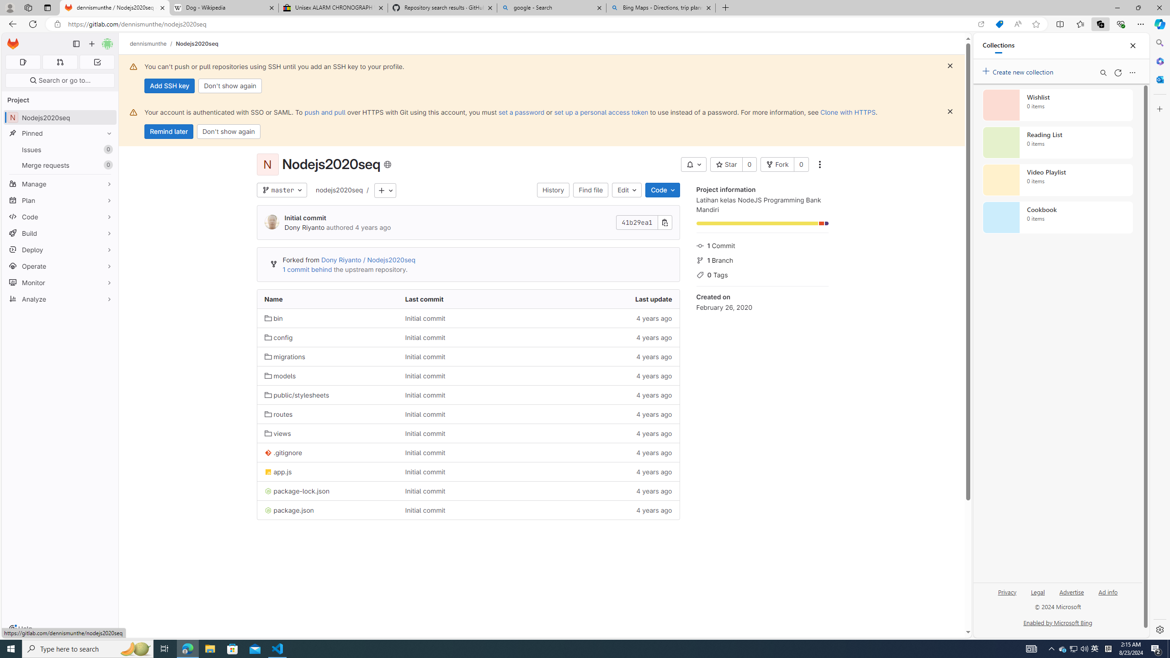 The height and width of the screenshot is (658, 1170). Describe the element at coordinates (59, 164) in the screenshot. I see `'Merge requests 0'` at that location.